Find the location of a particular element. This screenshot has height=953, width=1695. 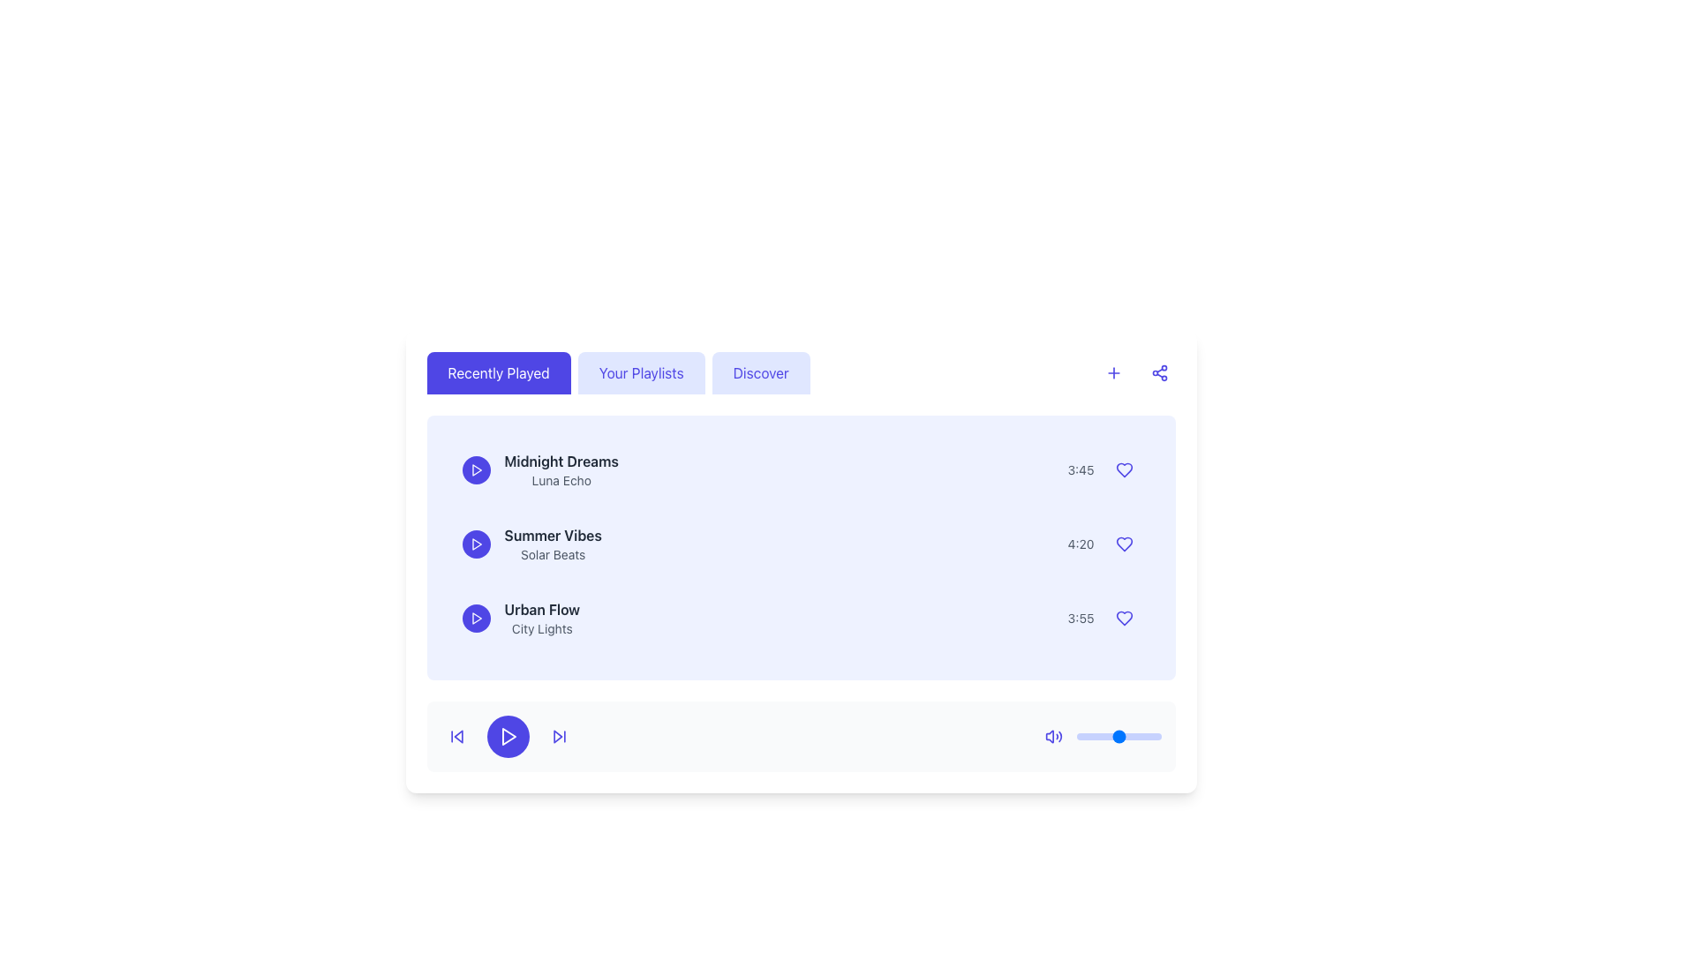

the slider is located at coordinates (1158, 736).